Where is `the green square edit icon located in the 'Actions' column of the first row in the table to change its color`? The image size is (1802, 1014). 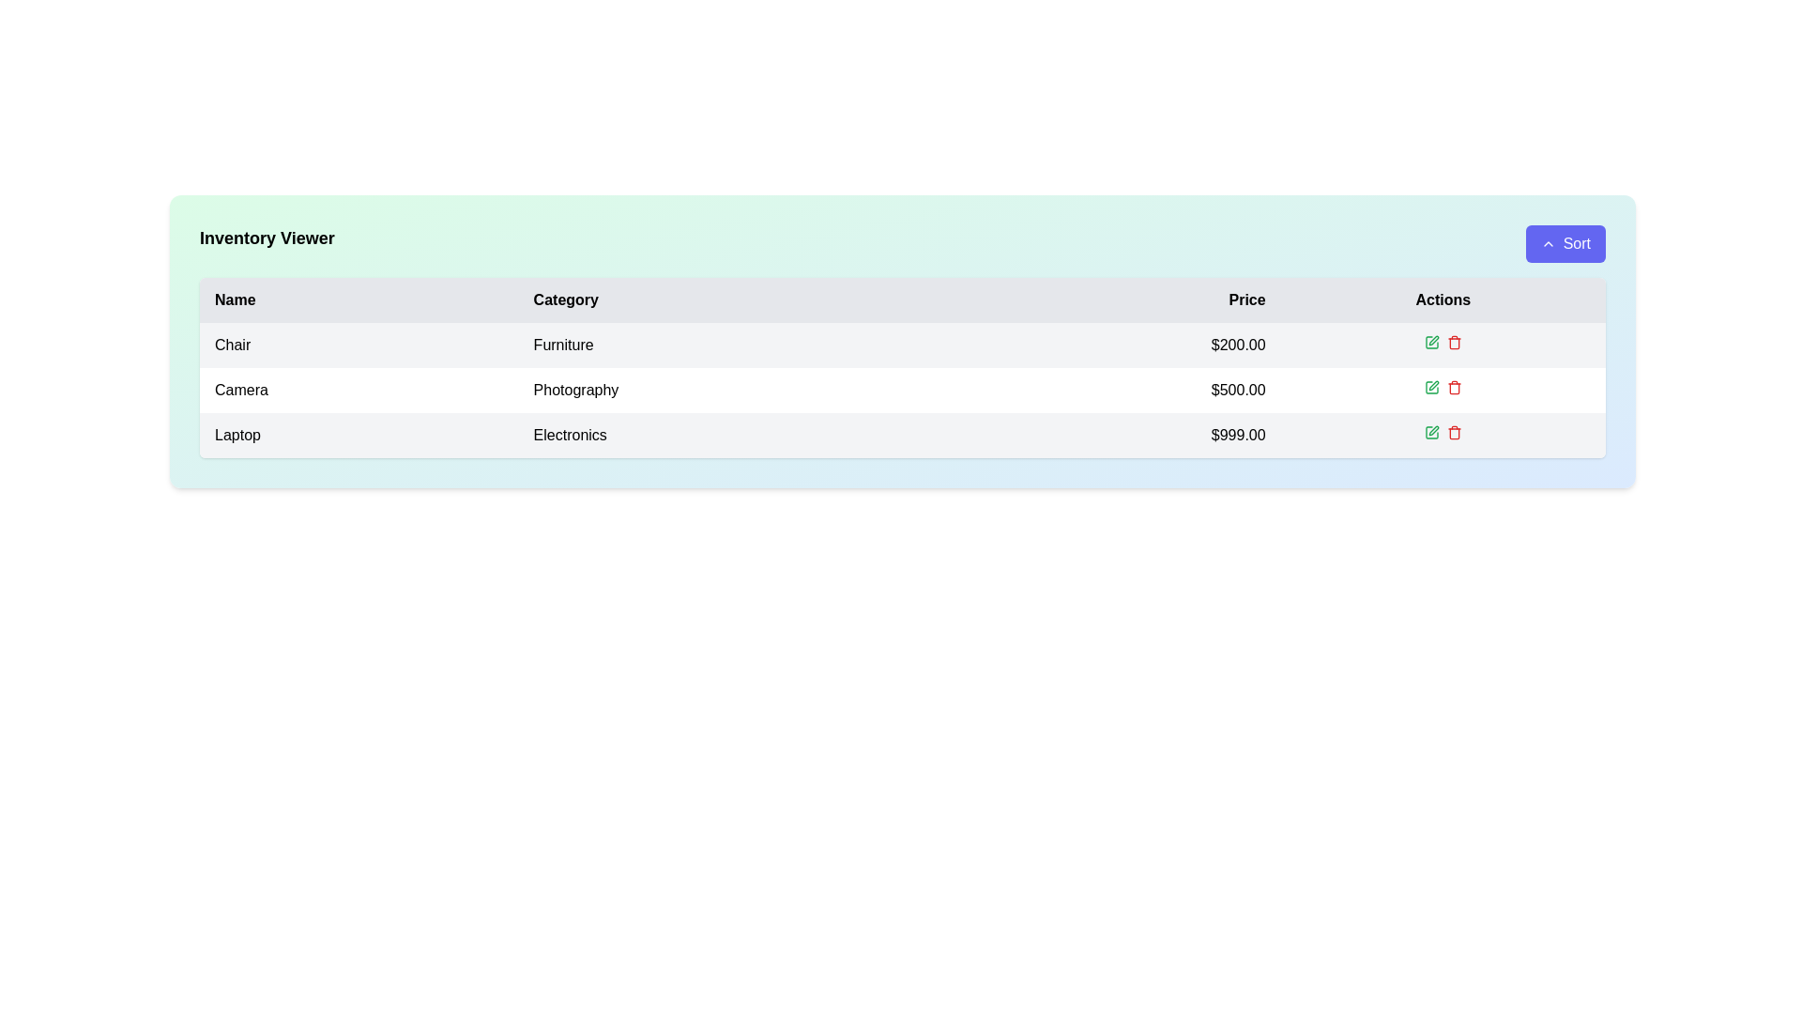 the green square edit icon located in the 'Actions' column of the first row in the table to change its color is located at coordinates (1430, 343).